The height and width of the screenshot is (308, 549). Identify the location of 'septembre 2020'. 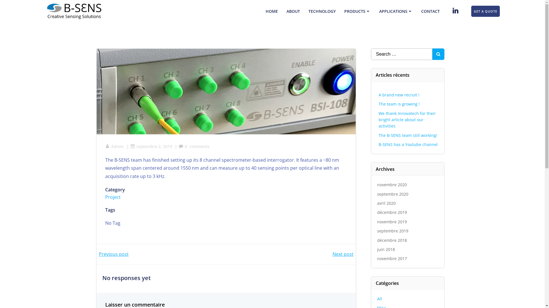
(392, 194).